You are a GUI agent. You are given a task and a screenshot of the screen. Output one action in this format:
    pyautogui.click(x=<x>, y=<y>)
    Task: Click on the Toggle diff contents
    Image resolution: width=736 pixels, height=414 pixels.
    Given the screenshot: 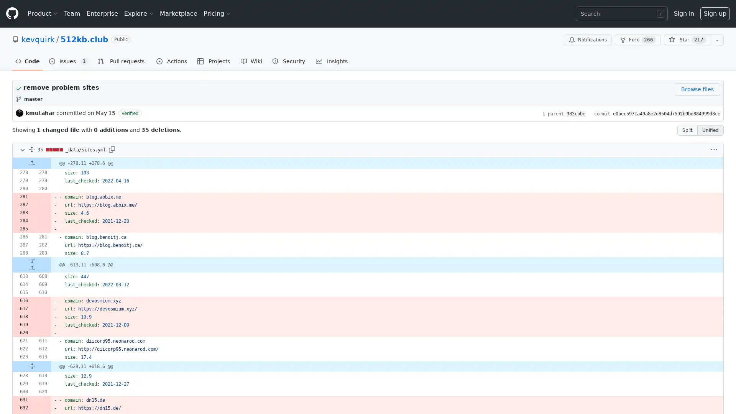 What is the action you would take?
    pyautogui.click(x=22, y=149)
    